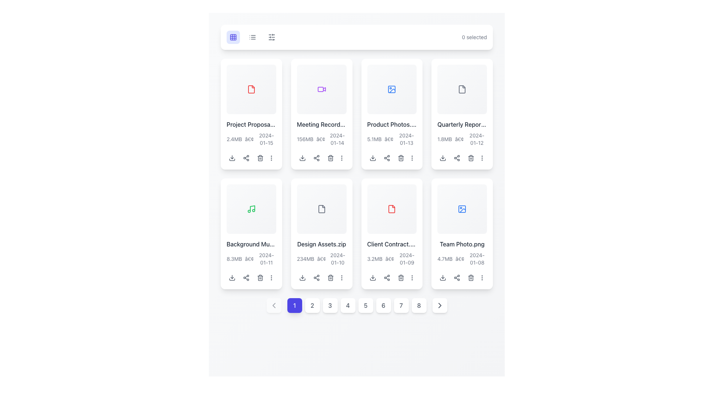 Image resolution: width=711 pixels, height=399 pixels. What do you see at coordinates (251, 258) in the screenshot?
I see `the text label providing metadata about the file 'Background Music.mp3', located at the bottom-left corner of its grid cell` at bounding box center [251, 258].